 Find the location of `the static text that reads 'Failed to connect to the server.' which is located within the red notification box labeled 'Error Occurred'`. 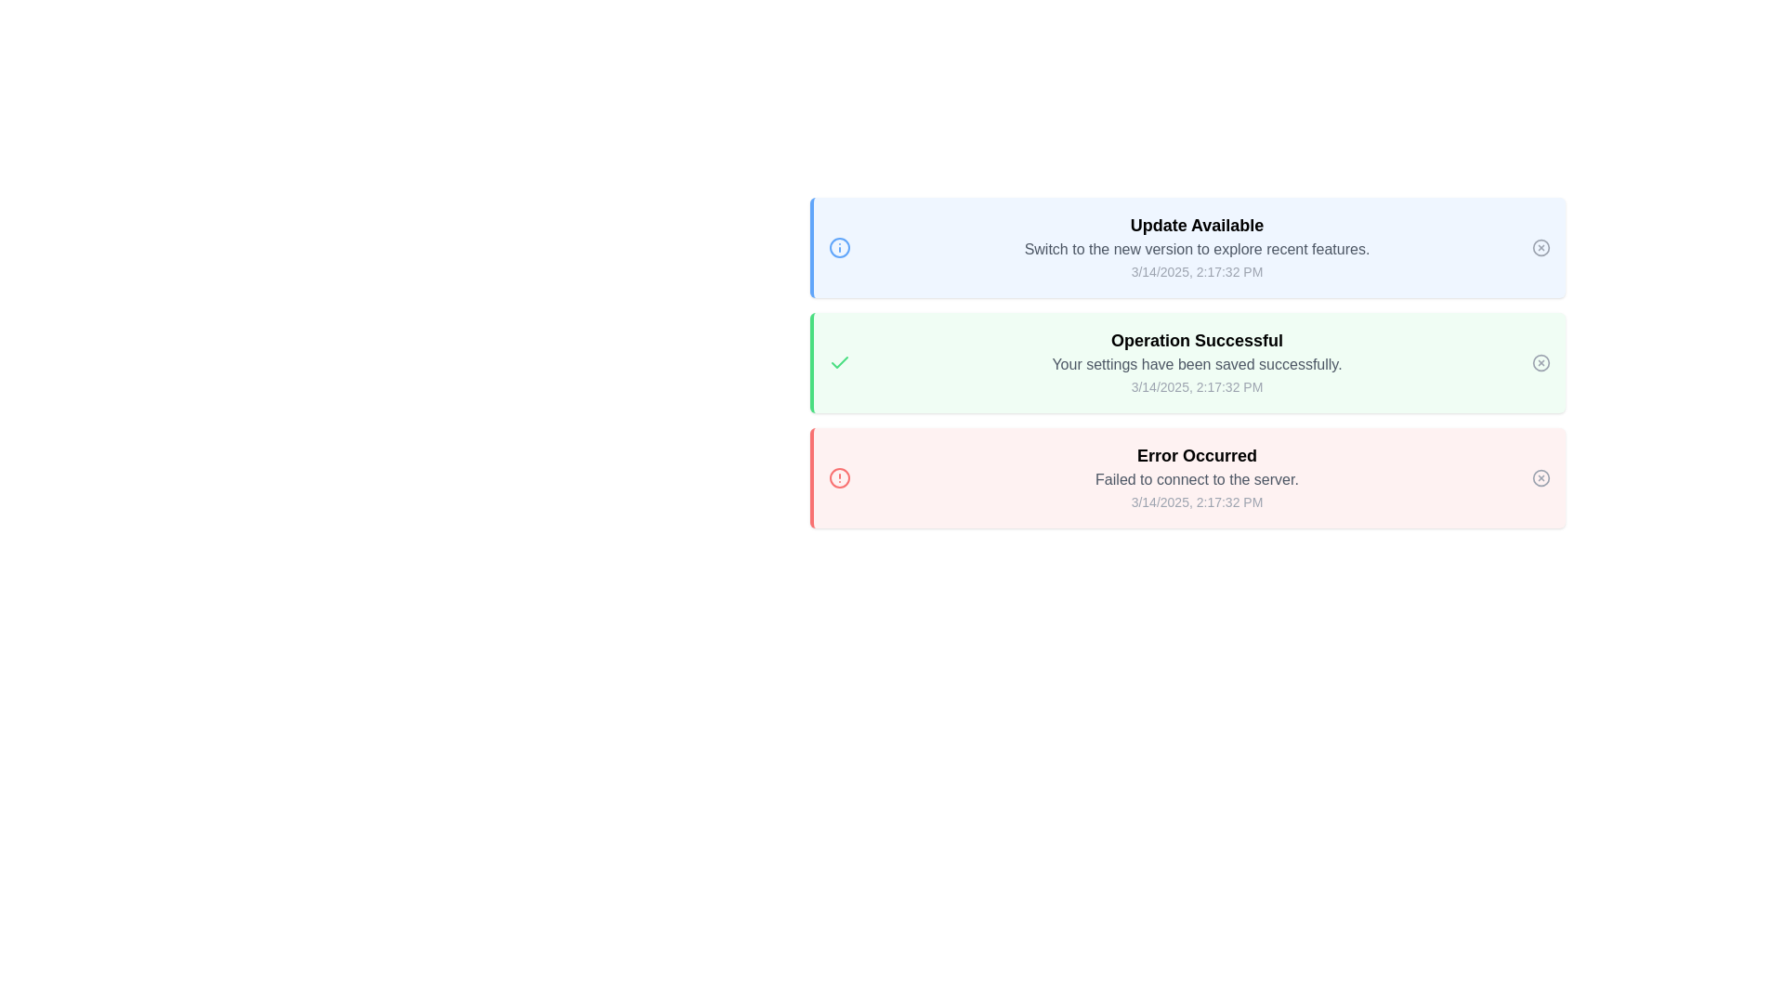

the static text that reads 'Failed to connect to the server.' which is located within the red notification box labeled 'Error Occurred' is located at coordinates (1197, 478).